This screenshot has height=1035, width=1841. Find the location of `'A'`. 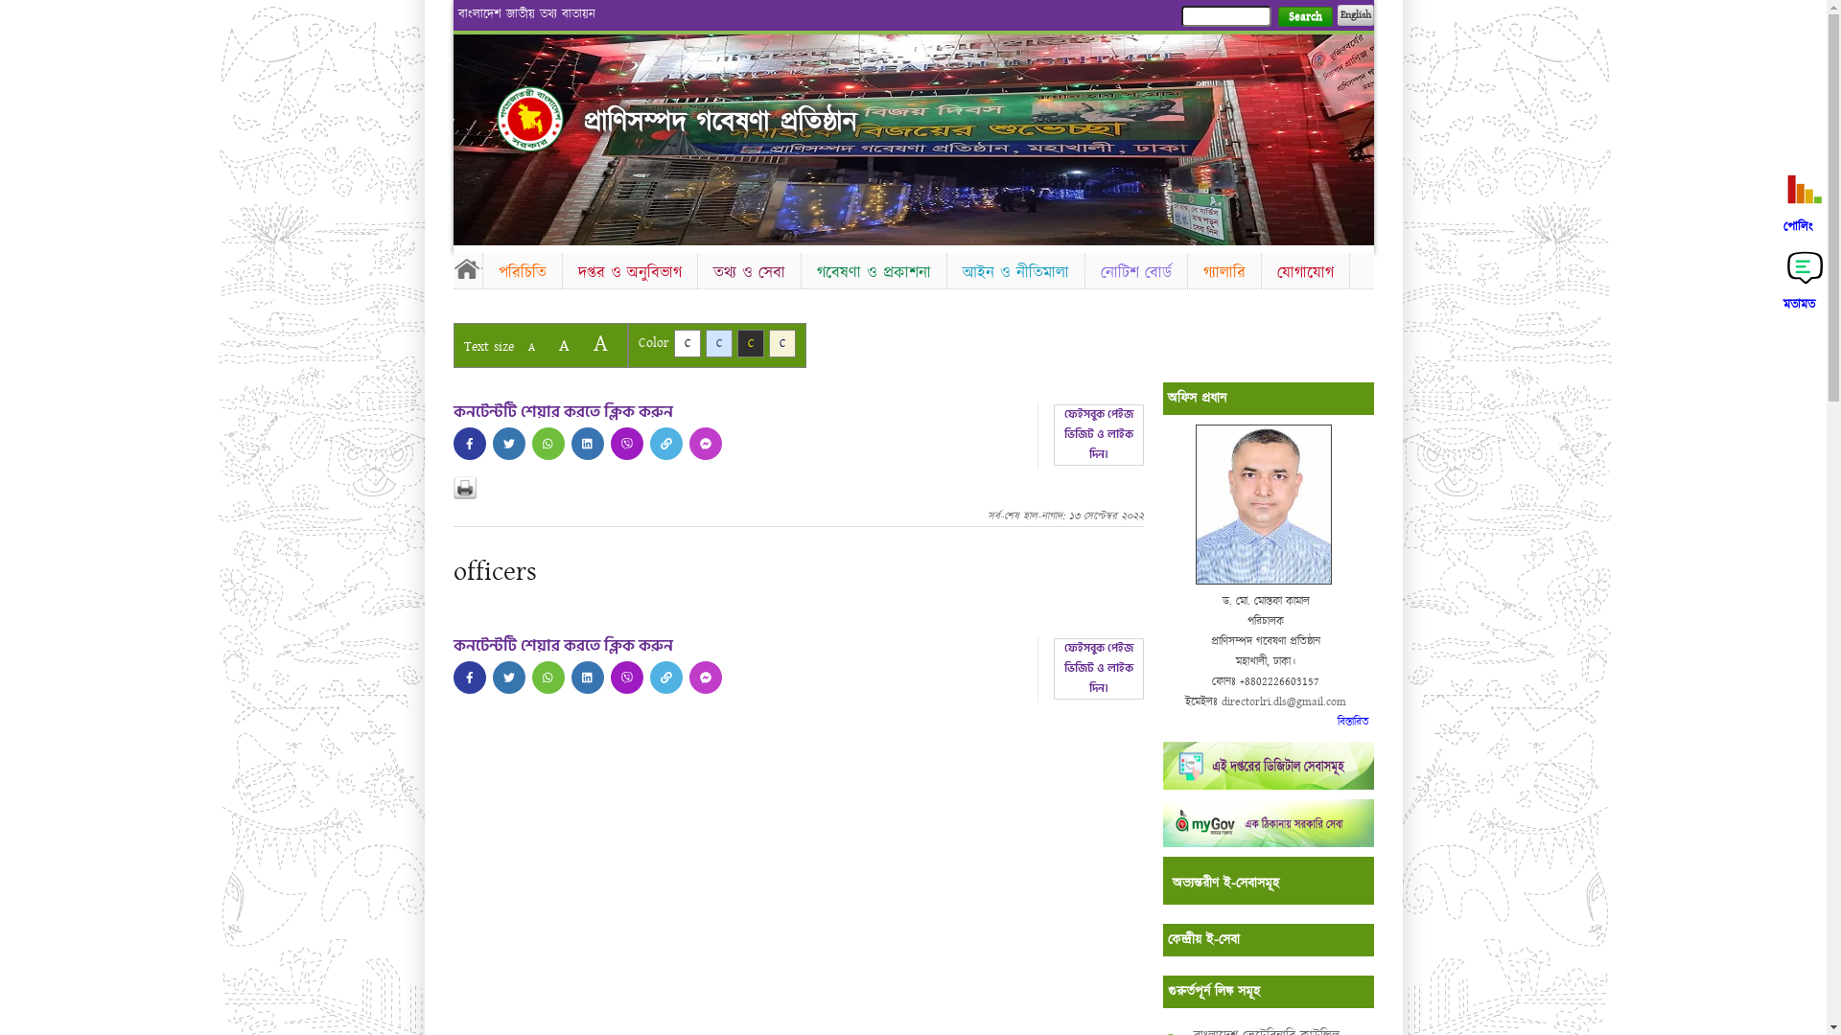

'A' is located at coordinates (530, 347).